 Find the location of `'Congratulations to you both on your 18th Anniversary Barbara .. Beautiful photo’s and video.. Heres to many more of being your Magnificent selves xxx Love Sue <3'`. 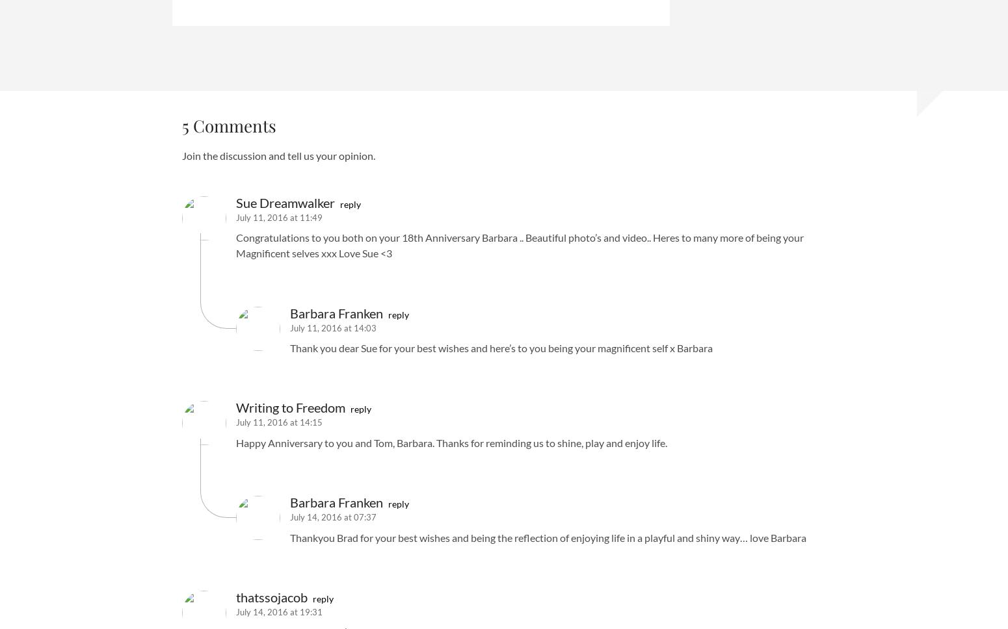

'Congratulations to you both on your 18th Anniversary Barbara .. Beautiful photo’s and video.. Heres to many more of being your Magnificent selves xxx Love Sue <3' is located at coordinates (235, 244).